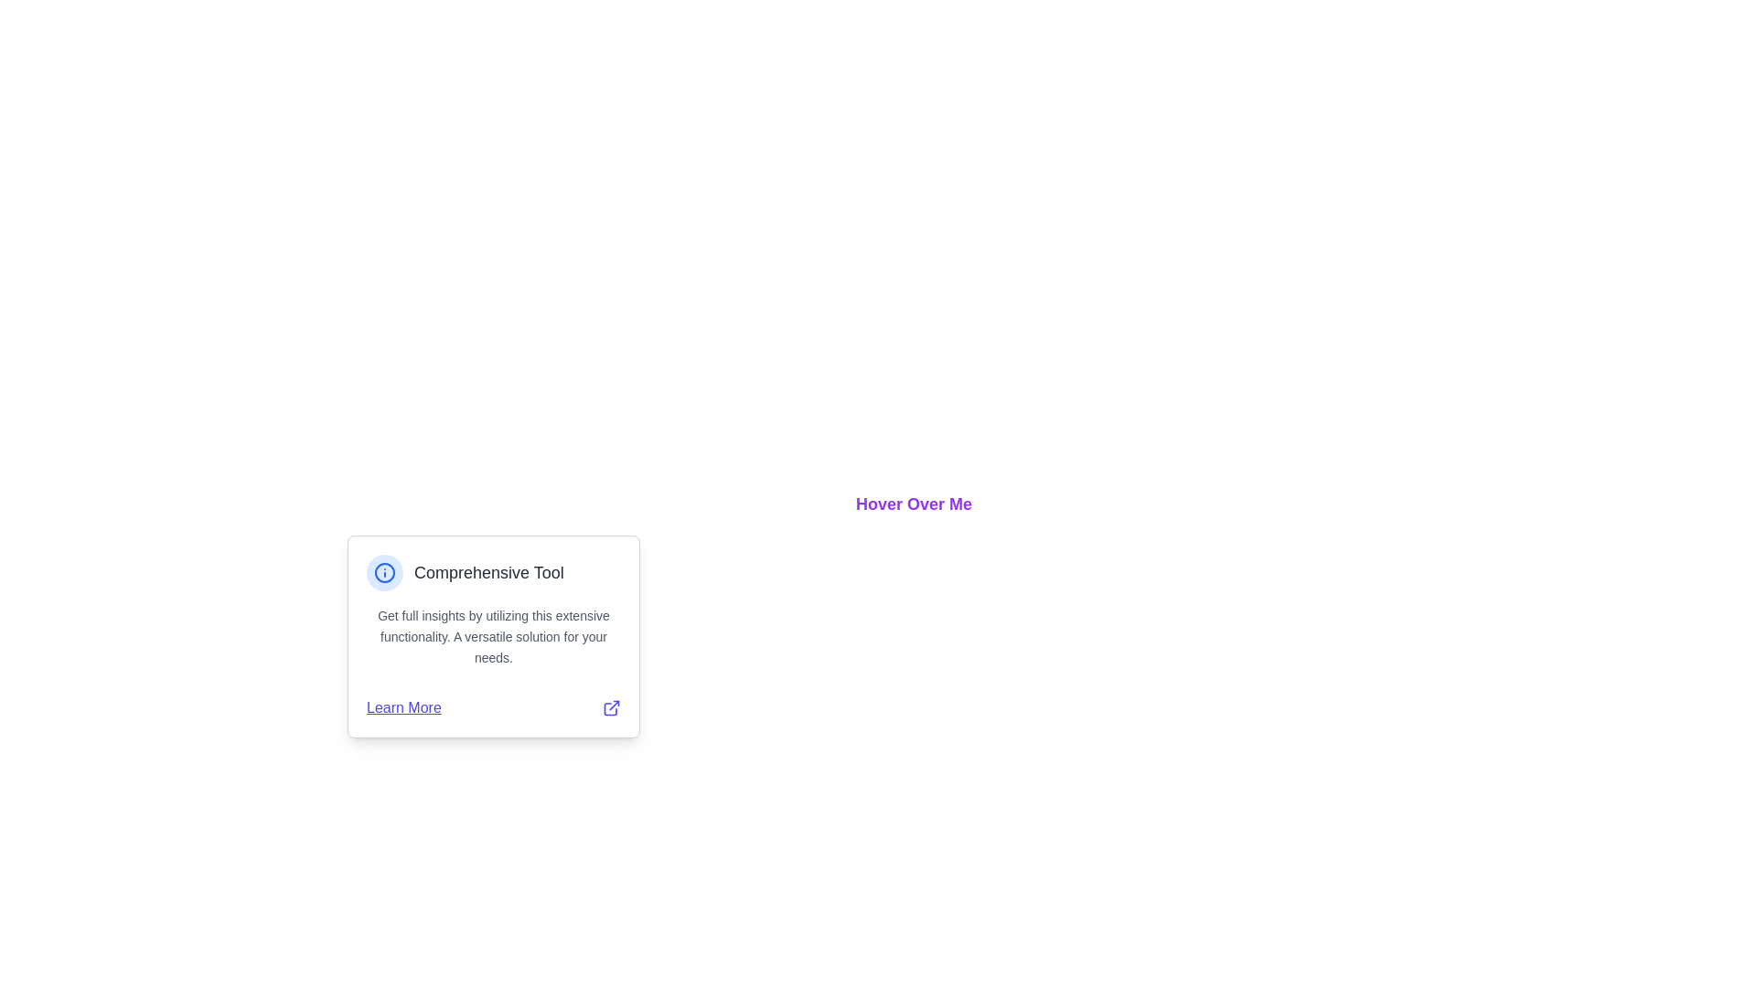 Image resolution: width=1756 pixels, height=987 pixels. What do you see at coordinates (402, 707) in the screenshot?
I see `the 'Learn More' hyperlink styled in indigo with an underline, located in the bottom section of a card below 'Comprehensive Tool' and next to an external link icon` at bounding box center [402, 707].